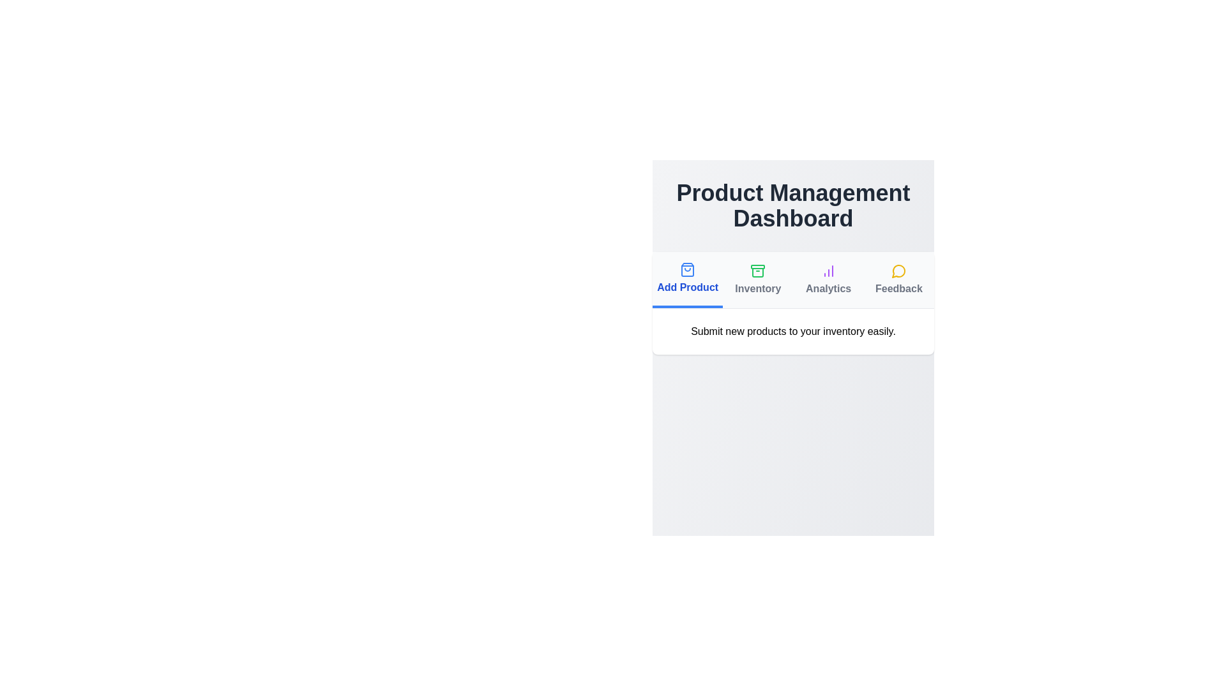 The height and width of the screenshot is (689, 1226). I want to click on the Inventory icon located in the second position of the horizontal navigation bar under 'Product Management Dashboard', so click(758, 270).